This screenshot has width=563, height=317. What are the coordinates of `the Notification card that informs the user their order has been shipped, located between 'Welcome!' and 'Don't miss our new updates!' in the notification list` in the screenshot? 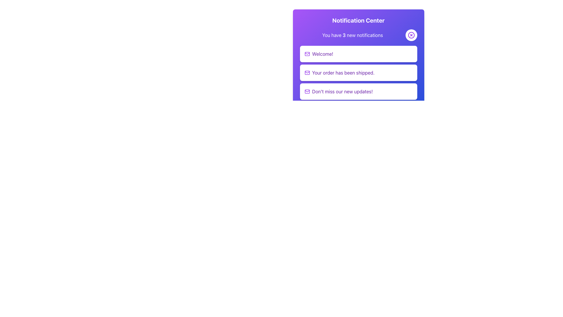 It's located at (358, 72).